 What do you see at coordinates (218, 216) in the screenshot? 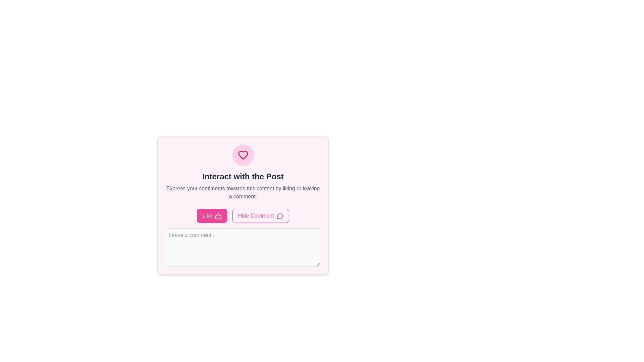
I see `the thumbs-up icon, which is a pink-colored hand outline representing positive affirmation, located to the right of the 'Like' button` at bounding box center [218, 216].